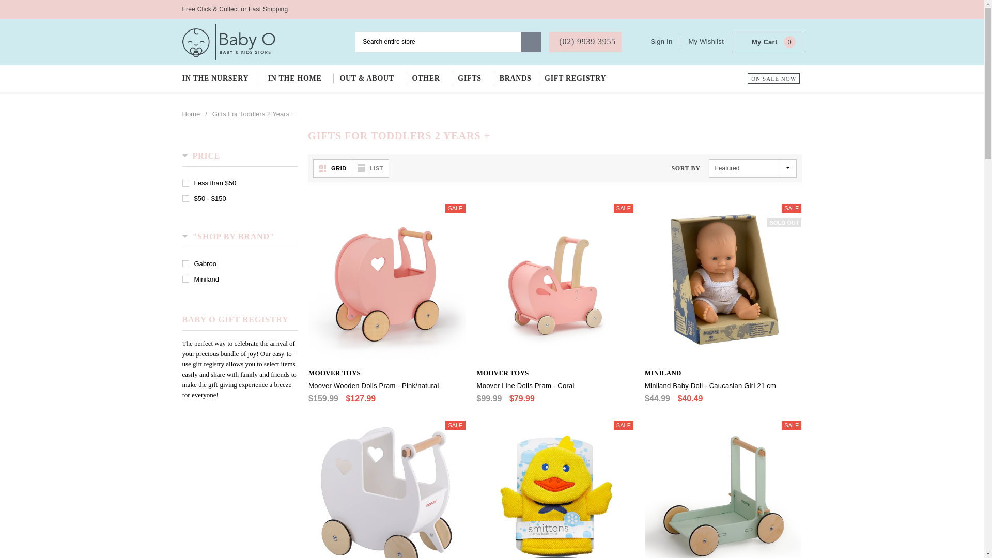 The height and width of the screenshot is (558, 992). Describe the element at coordinates (212, 114) in the screenshot. I see `'Gifts For Toddlers 2 Years +'` at that location.